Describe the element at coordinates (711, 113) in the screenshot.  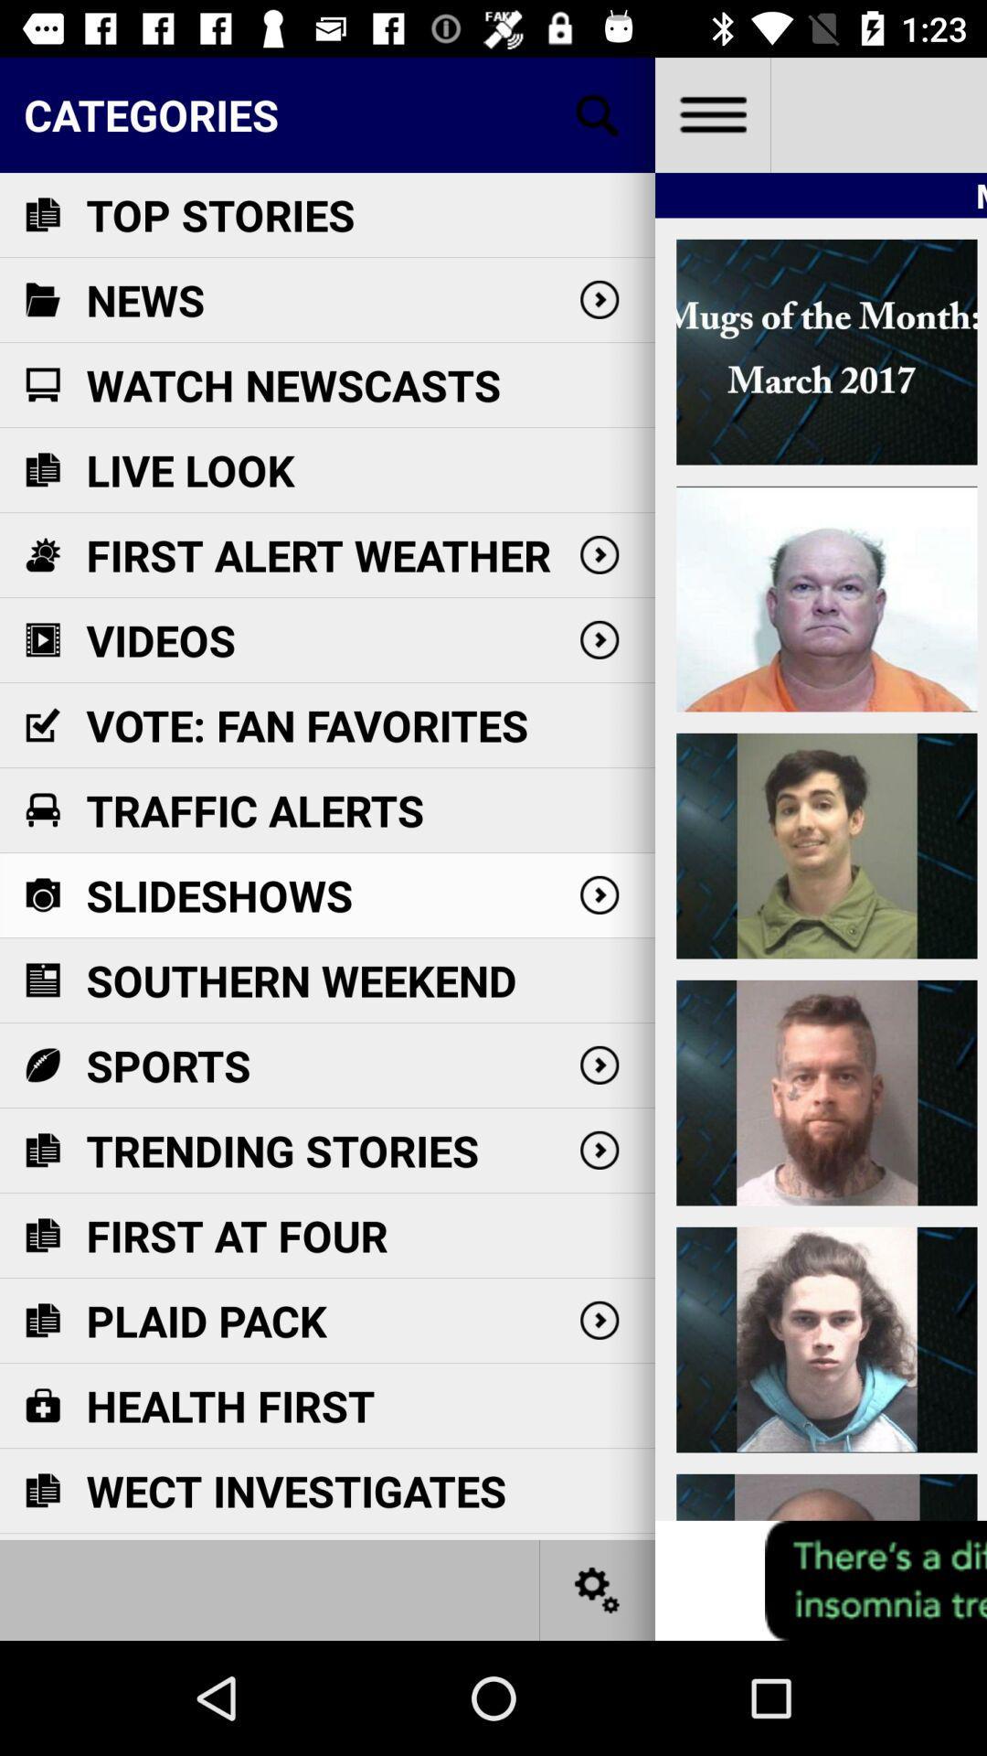
I see `the menu icon` at that location.